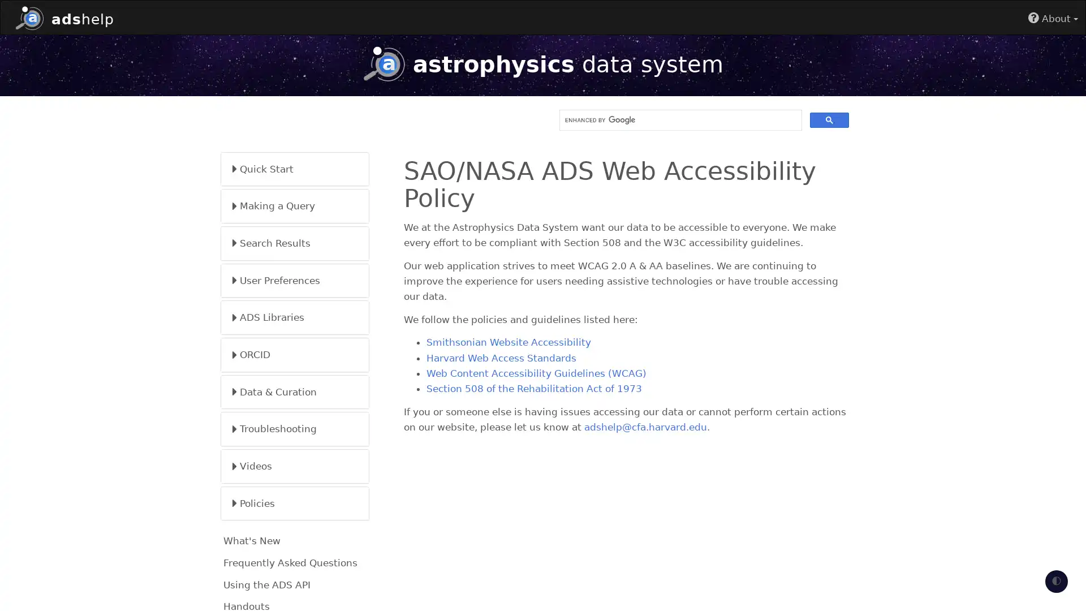 The image size is (1086, 611). What do you see at coordinates (295, 502) in the screenshot?
I see `Policies` at bounding box center [295, 502].